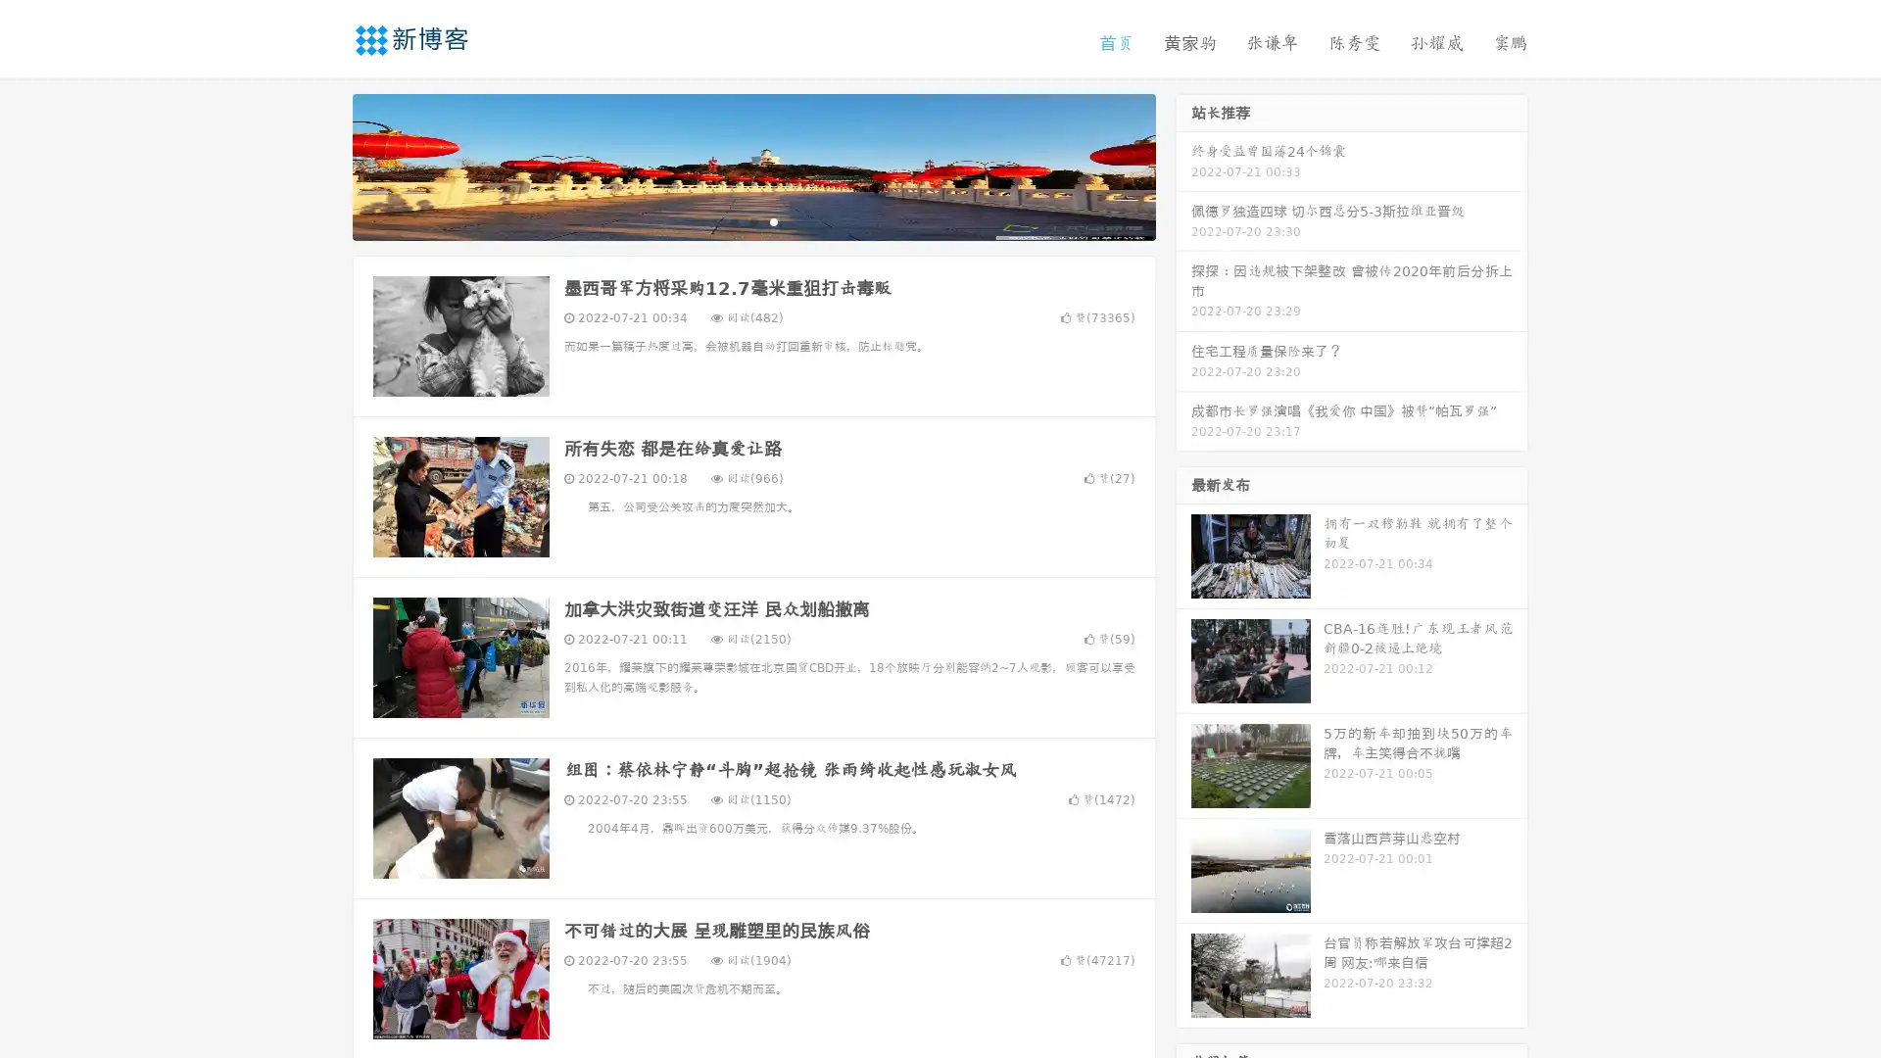 This screenshot has height=1058, width=1881. What do you see at coordinates (752, 220) in the screenshot?
I see `Go to slide 2` at bounding box center [752, 220].